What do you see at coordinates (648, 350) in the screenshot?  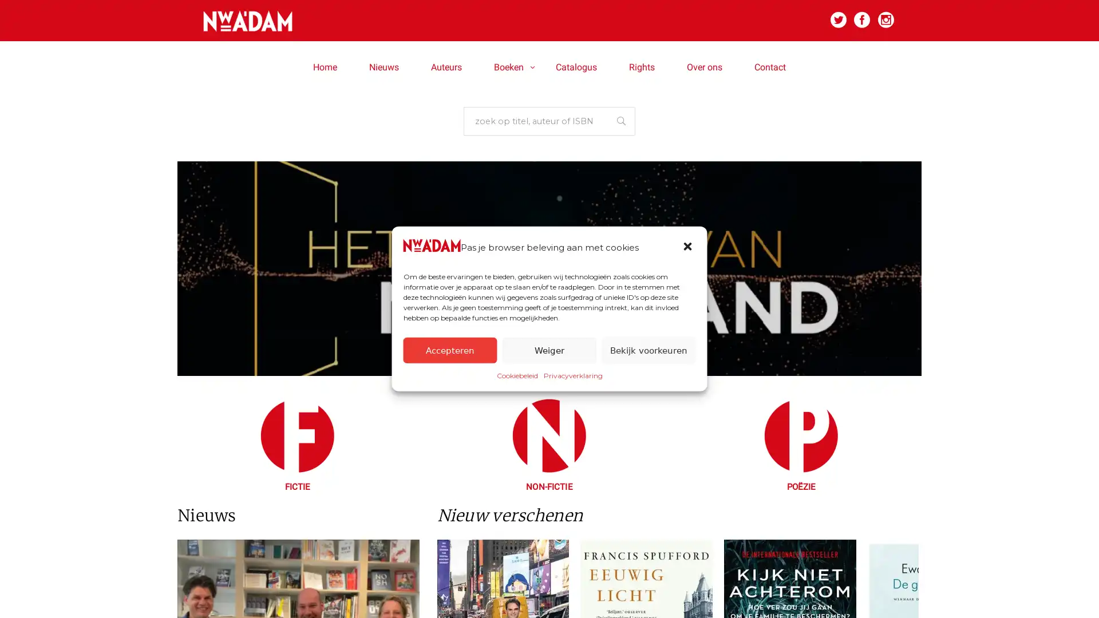 I see `Bekijk voorkeuren` at bounding box center [648, 350].